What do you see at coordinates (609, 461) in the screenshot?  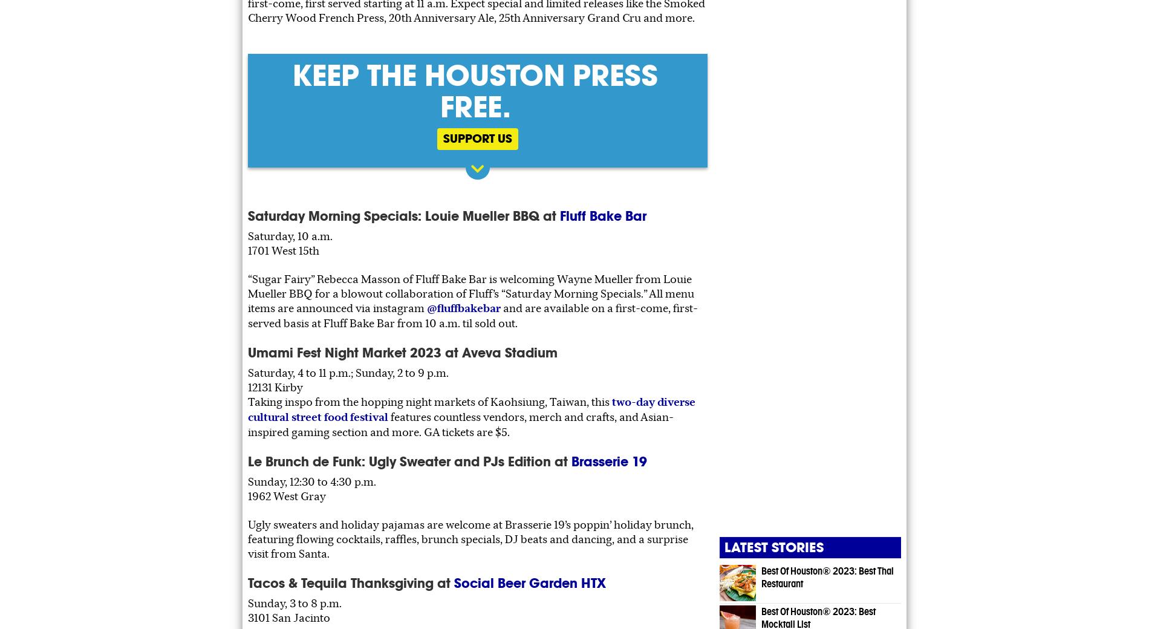 I see `'Brasserie 19'` at bounding box center [609, 461].